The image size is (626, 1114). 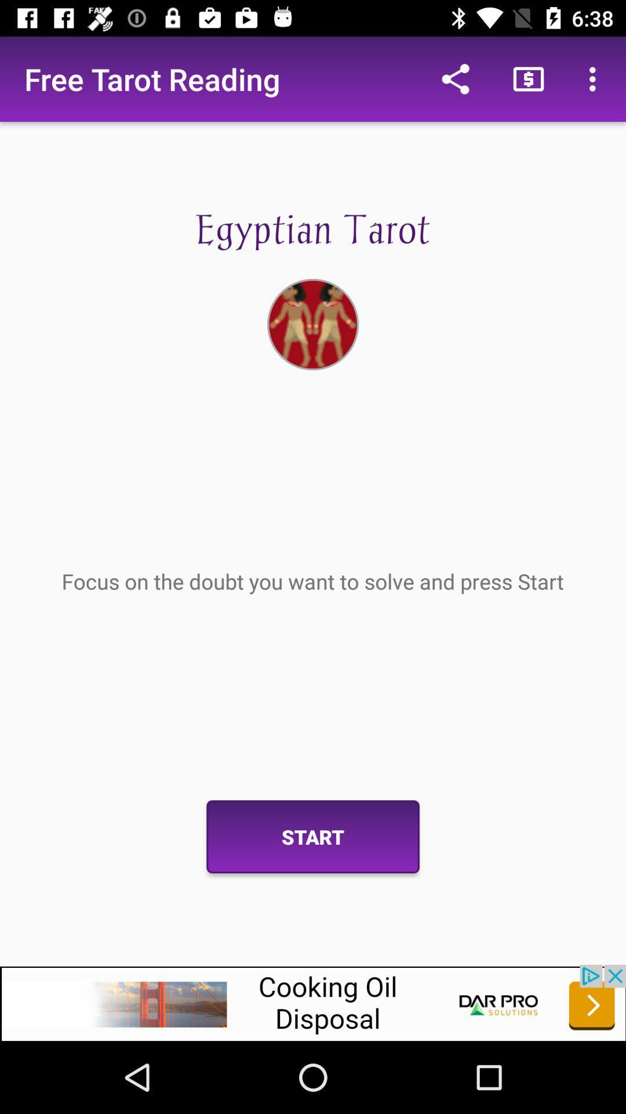 I want to click on oil advertisement, so click(x=313, y=1002).